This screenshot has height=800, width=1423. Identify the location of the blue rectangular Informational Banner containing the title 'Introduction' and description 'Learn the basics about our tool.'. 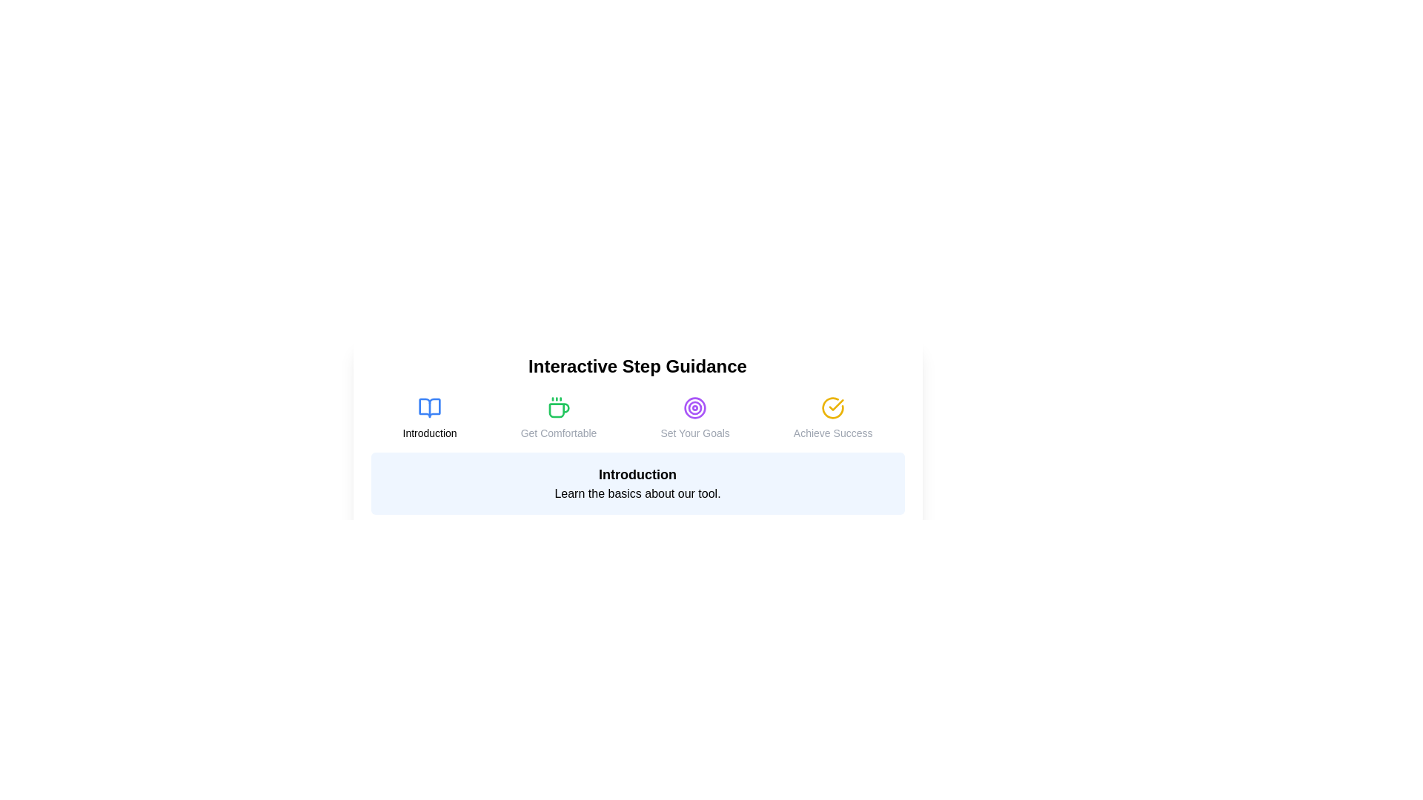
(637, 483).